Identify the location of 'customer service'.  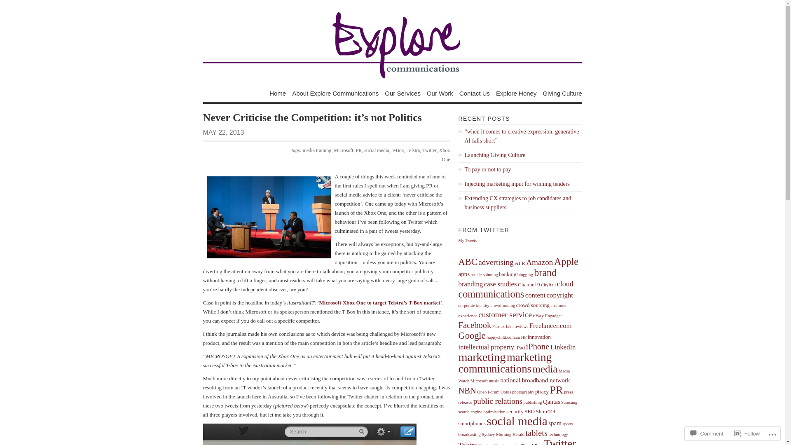
(504, 314).